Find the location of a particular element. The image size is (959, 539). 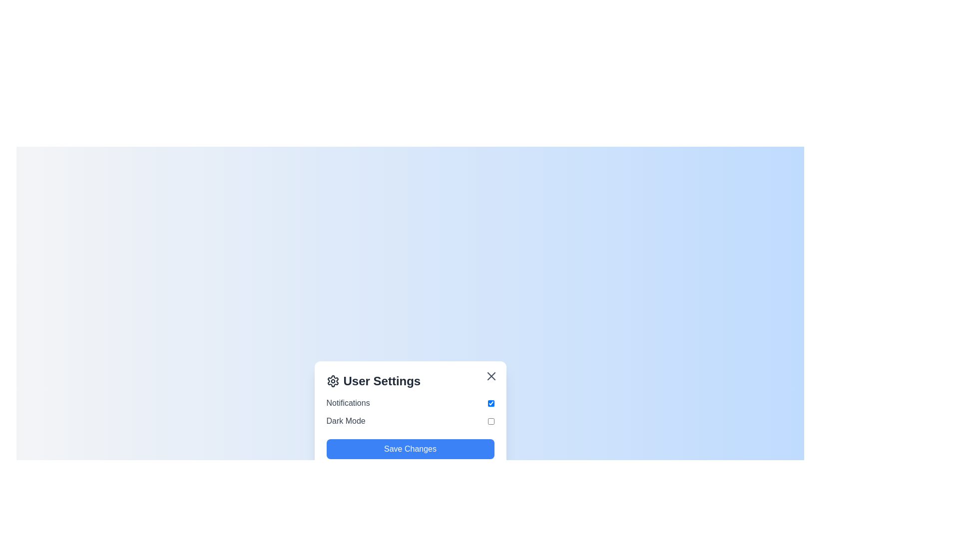

the dark mode toggle to change its state is located at coordinates (491, 421).